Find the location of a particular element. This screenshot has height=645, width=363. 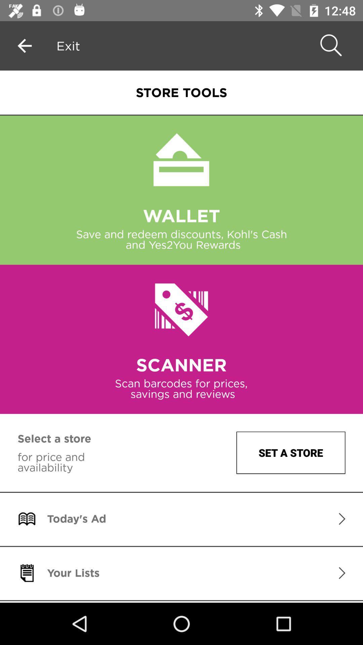

the search icon is located at coordinates (329, 45).